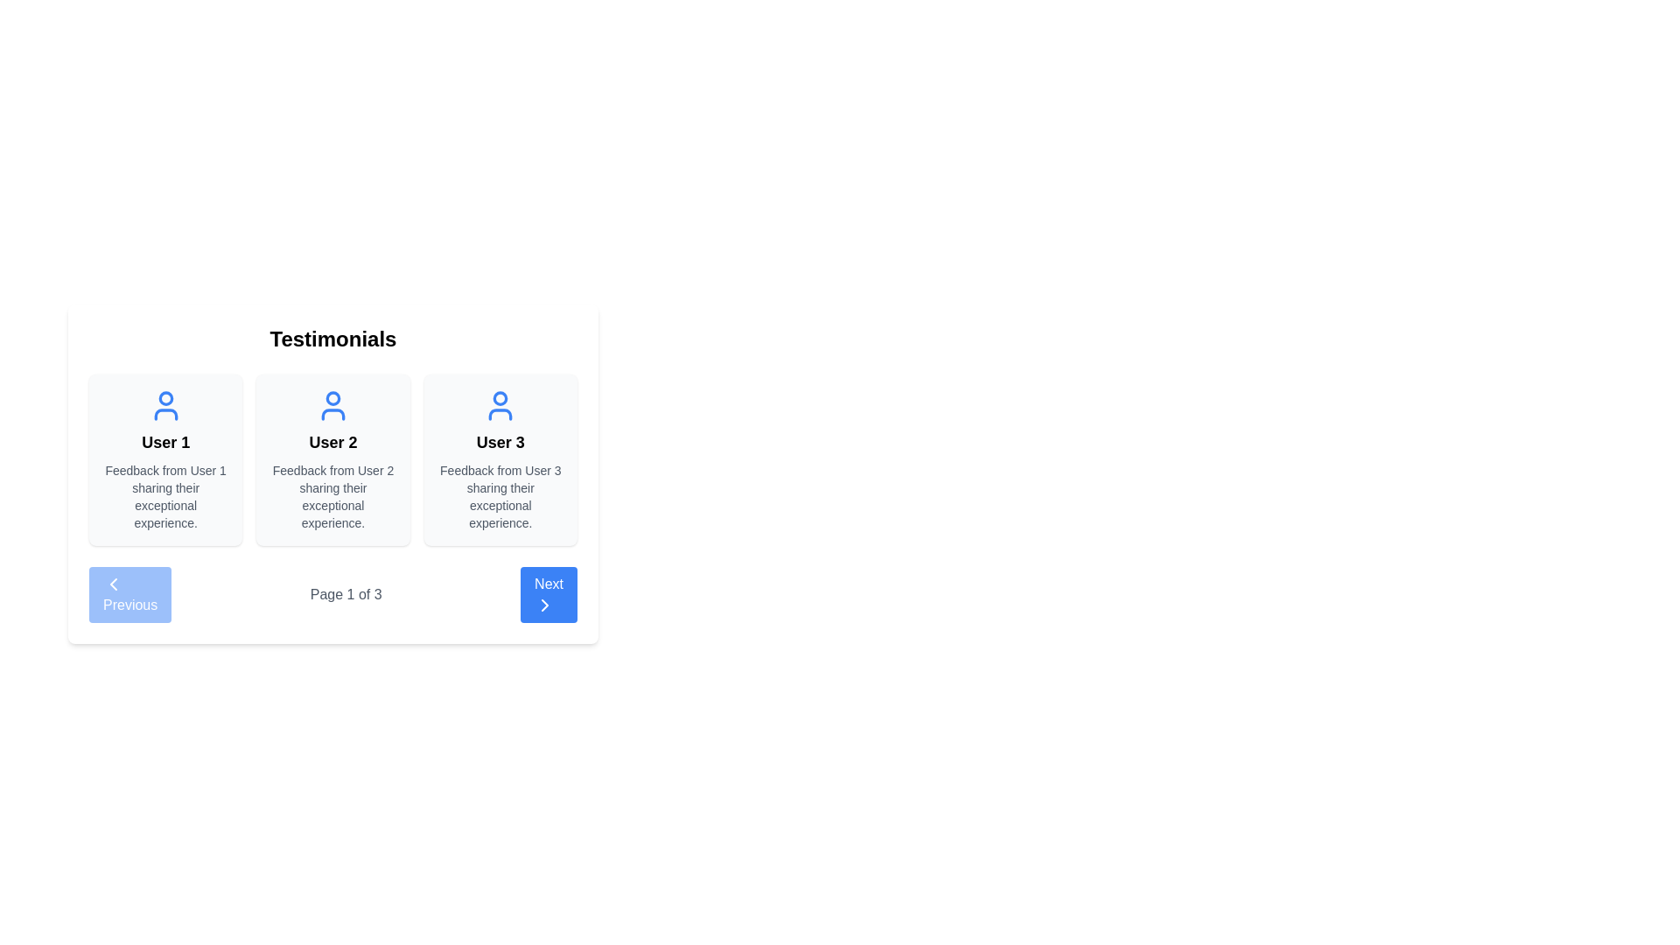 This screenshot has height=945, width=1680. Describe the element at coordinates (332, 458) in the screenshot. I see `testimonial content from the middle section of the grid layout hosting testimonial cards located under the header 'Testimonials'` at that location.